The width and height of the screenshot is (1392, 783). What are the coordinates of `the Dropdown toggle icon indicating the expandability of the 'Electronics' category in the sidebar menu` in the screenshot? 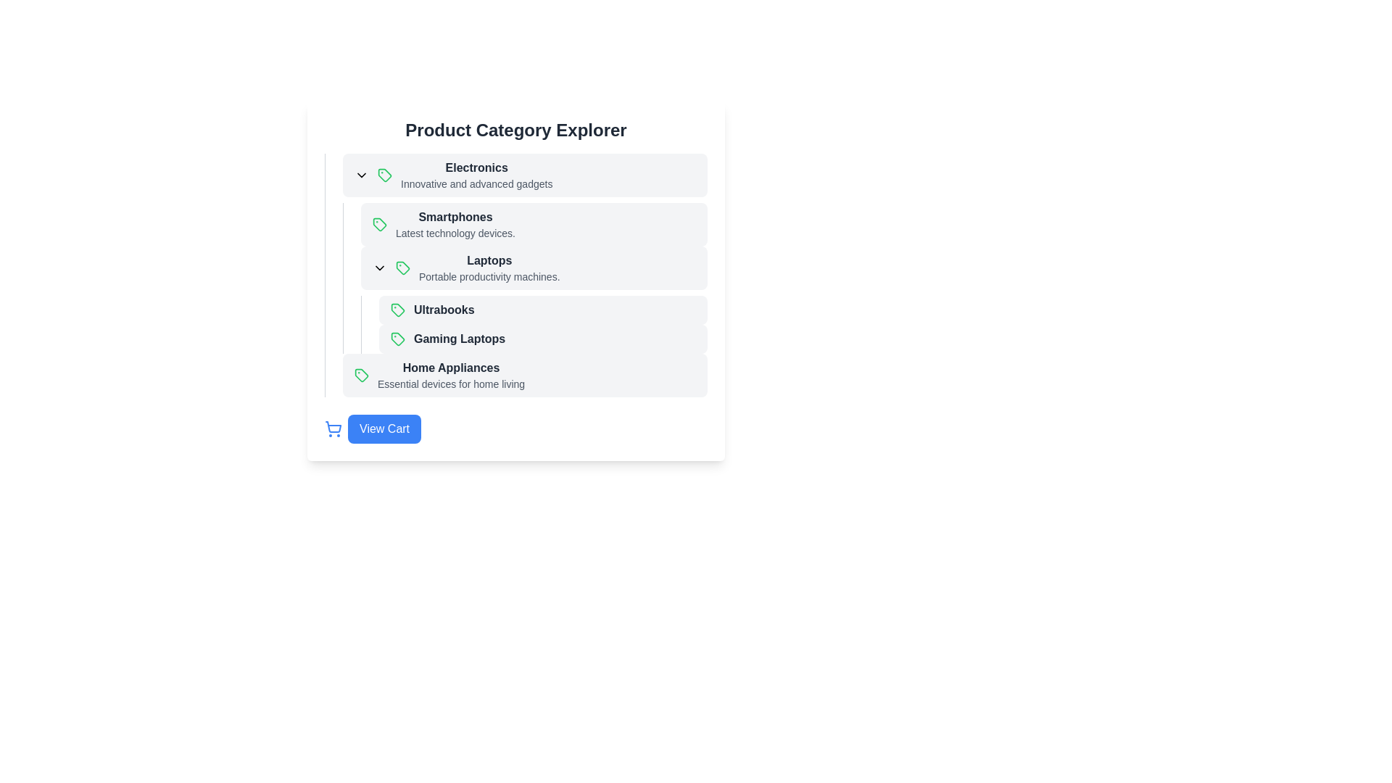 It's located at (362, 175).